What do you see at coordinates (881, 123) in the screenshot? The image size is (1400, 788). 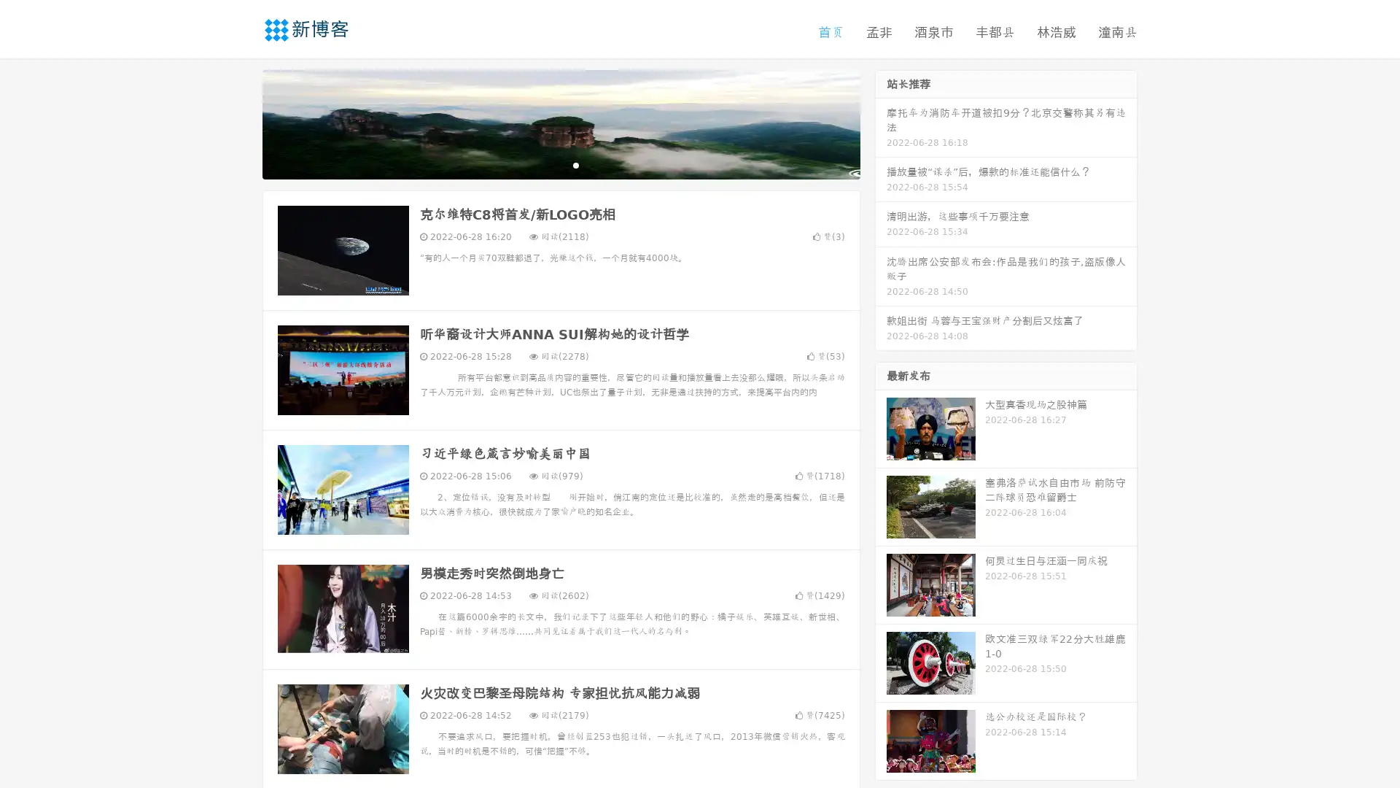 I see `Next slide` at bounding box center [881, 123].